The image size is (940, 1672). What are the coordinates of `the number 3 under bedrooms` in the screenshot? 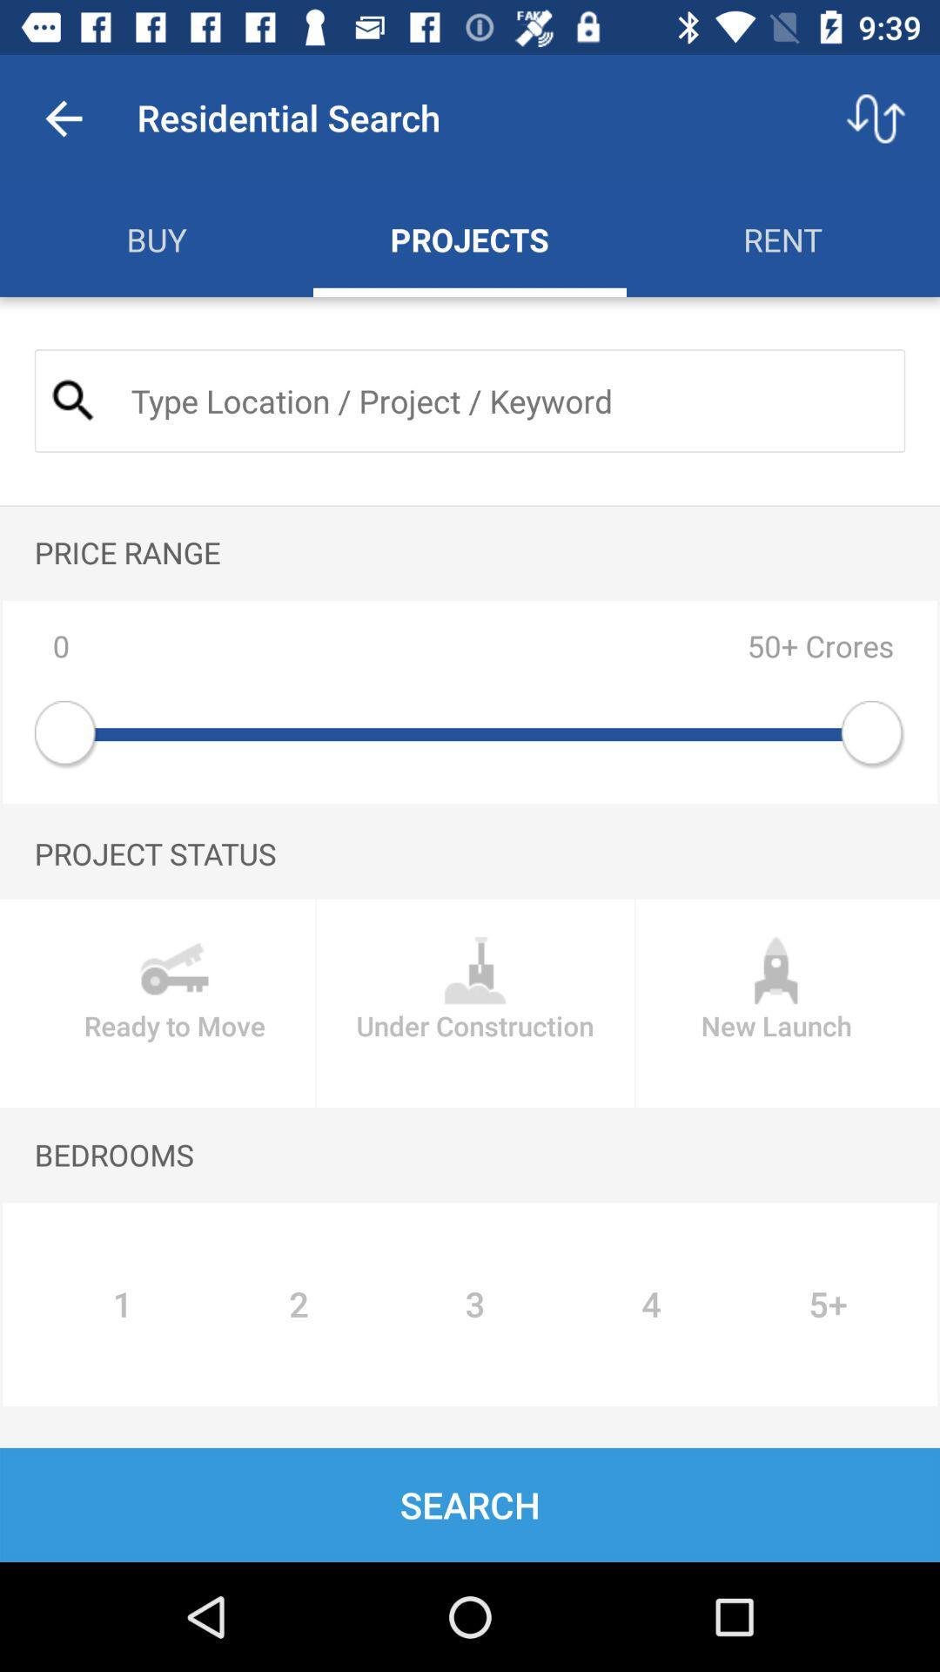 It's located at (475, 1304).